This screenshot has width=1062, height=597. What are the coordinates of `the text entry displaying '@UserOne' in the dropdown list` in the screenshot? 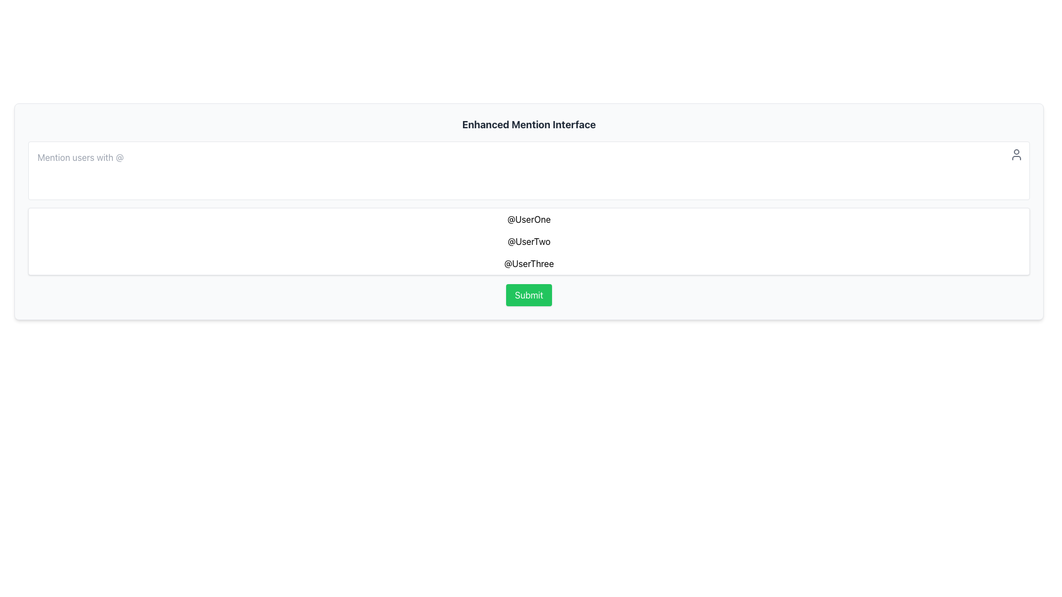 It's located at (528, 219).